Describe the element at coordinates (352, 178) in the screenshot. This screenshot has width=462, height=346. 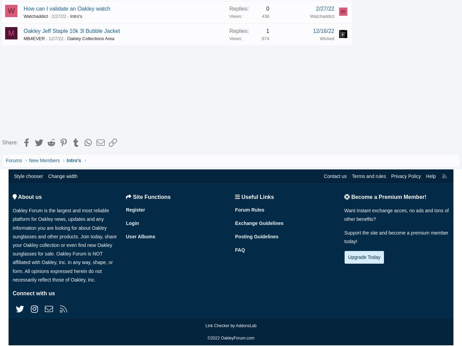
I see `'Terms and rules'` at that location.